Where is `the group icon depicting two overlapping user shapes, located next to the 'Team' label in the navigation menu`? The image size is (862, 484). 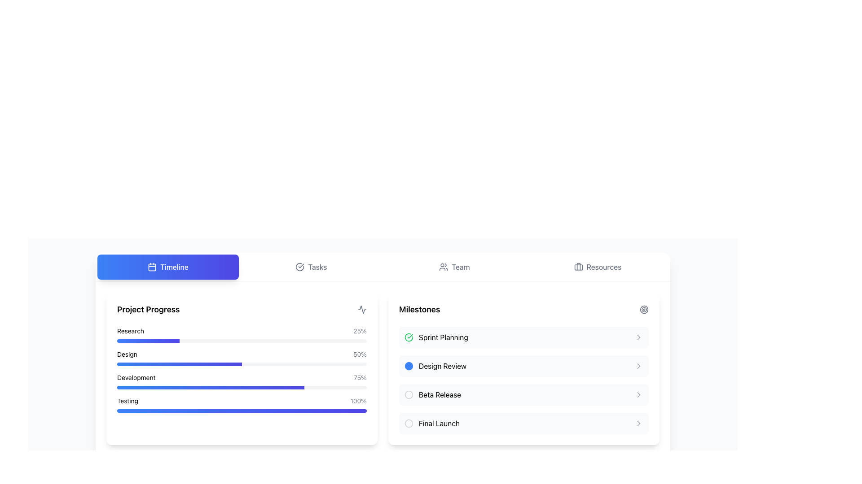
the group icon depicting two overlapping user shapes, located next to the 'Team' label in the navigation menu is located at coordinates (444, 267).